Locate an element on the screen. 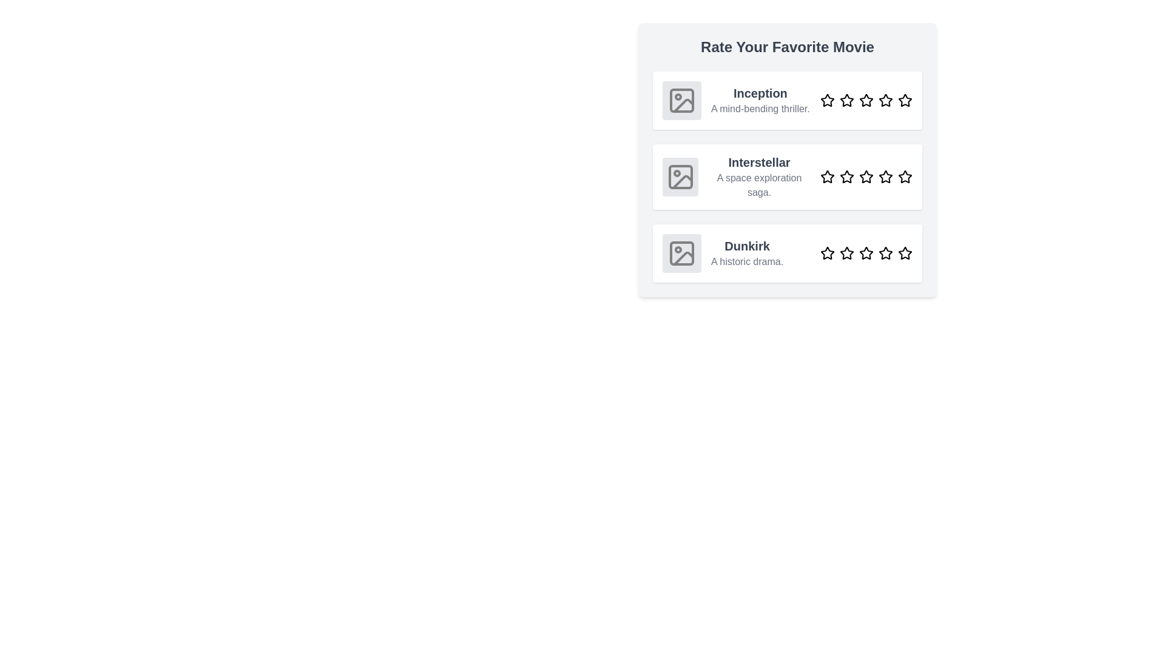 The image size is (1165, 655). the second star icon in the rating section for the movie 'Inception' to set the rating is located at coordinates (846, 99).